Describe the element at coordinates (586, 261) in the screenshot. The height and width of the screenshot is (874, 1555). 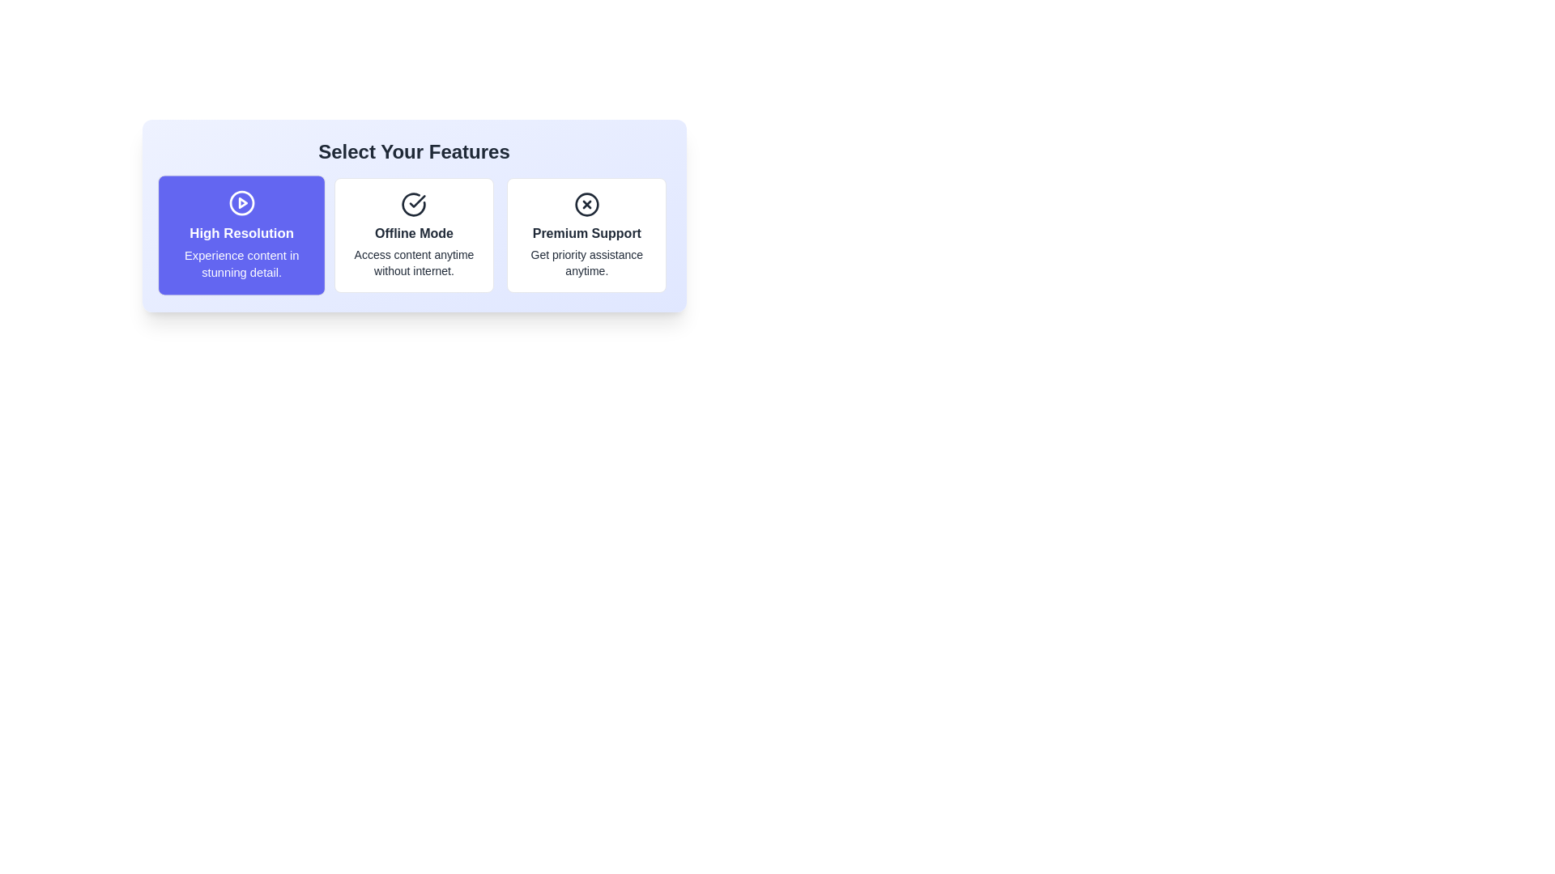
I see `the text block displaying 'Get priority assistance anytime.' located at the bottom of the 'Premium Support' card in the third column of the feature selection grid` at that location.